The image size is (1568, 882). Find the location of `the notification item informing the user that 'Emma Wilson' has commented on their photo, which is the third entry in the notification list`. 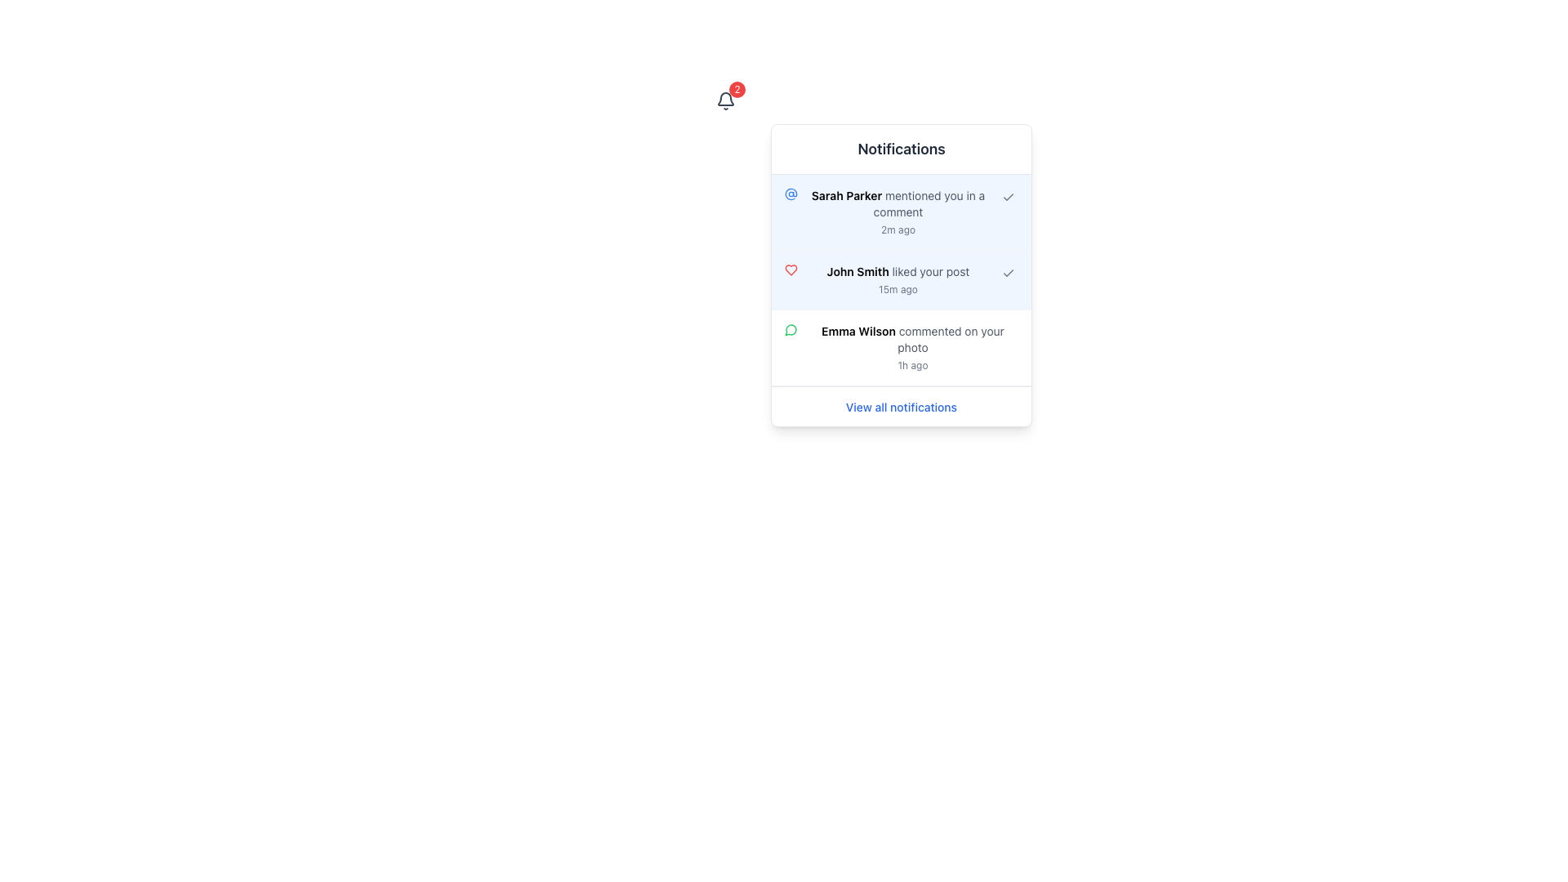

the notification item informing the user that 'Emma Wilson' has commented on their photo, which is the third entry in the notification list is located at coordinates (912, 346).